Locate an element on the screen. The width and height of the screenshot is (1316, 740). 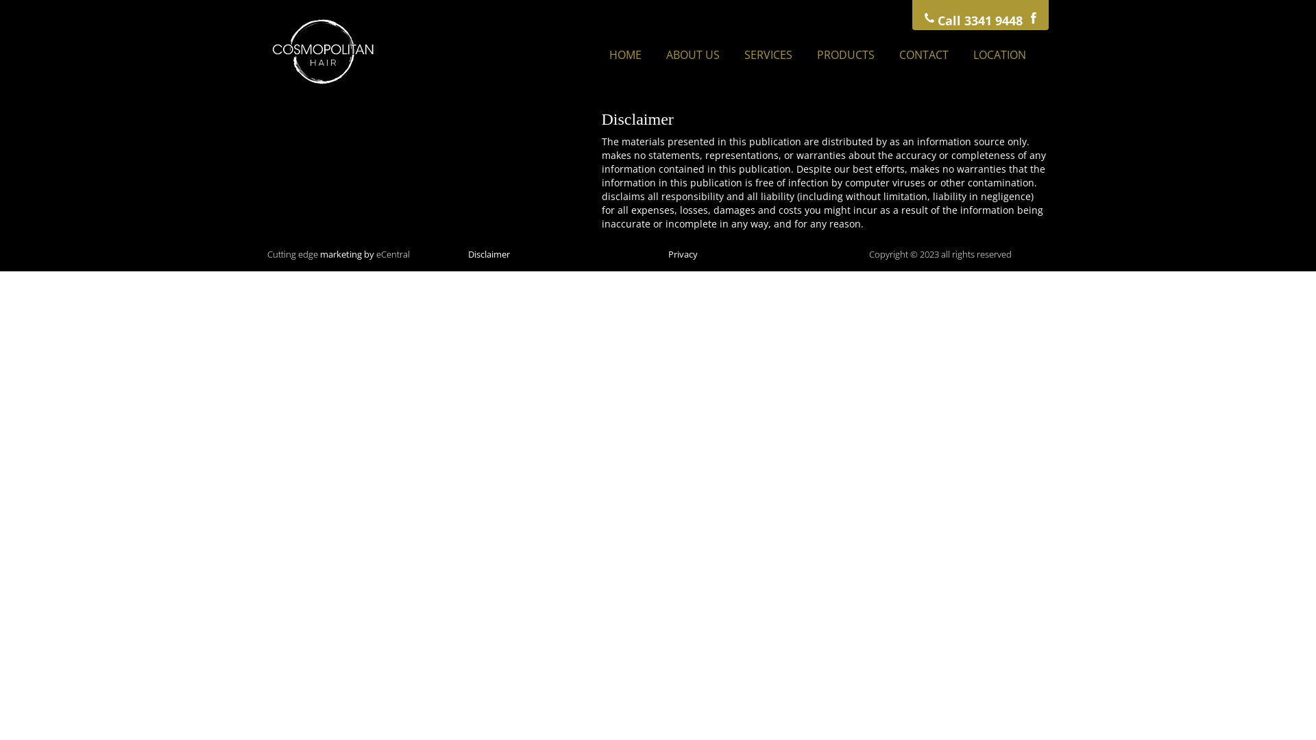
'HOME' is located at coordinates (598, 54).